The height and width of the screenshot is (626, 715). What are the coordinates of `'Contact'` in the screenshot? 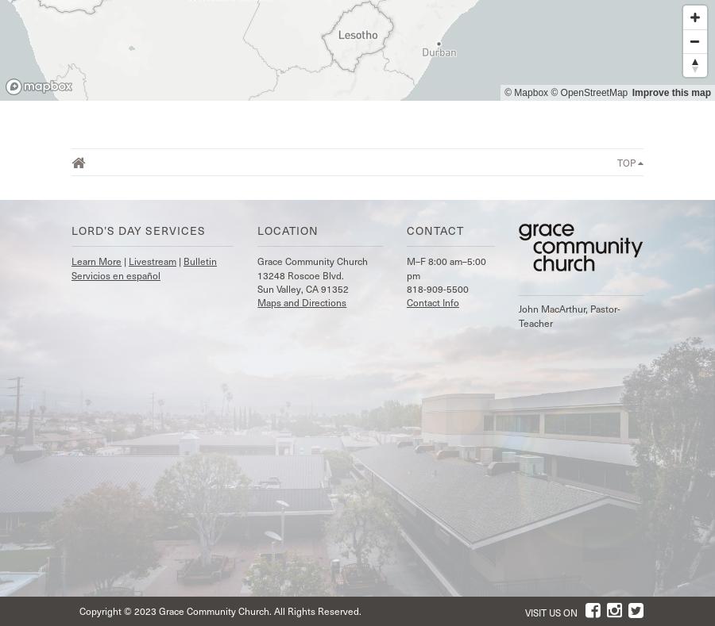 It's located at (434, 230).